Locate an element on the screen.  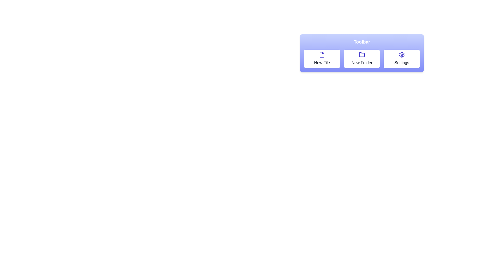
the leftmost button labeled 'New File' with a blue file icon in the toolbar is located at coordinates (321, 59).